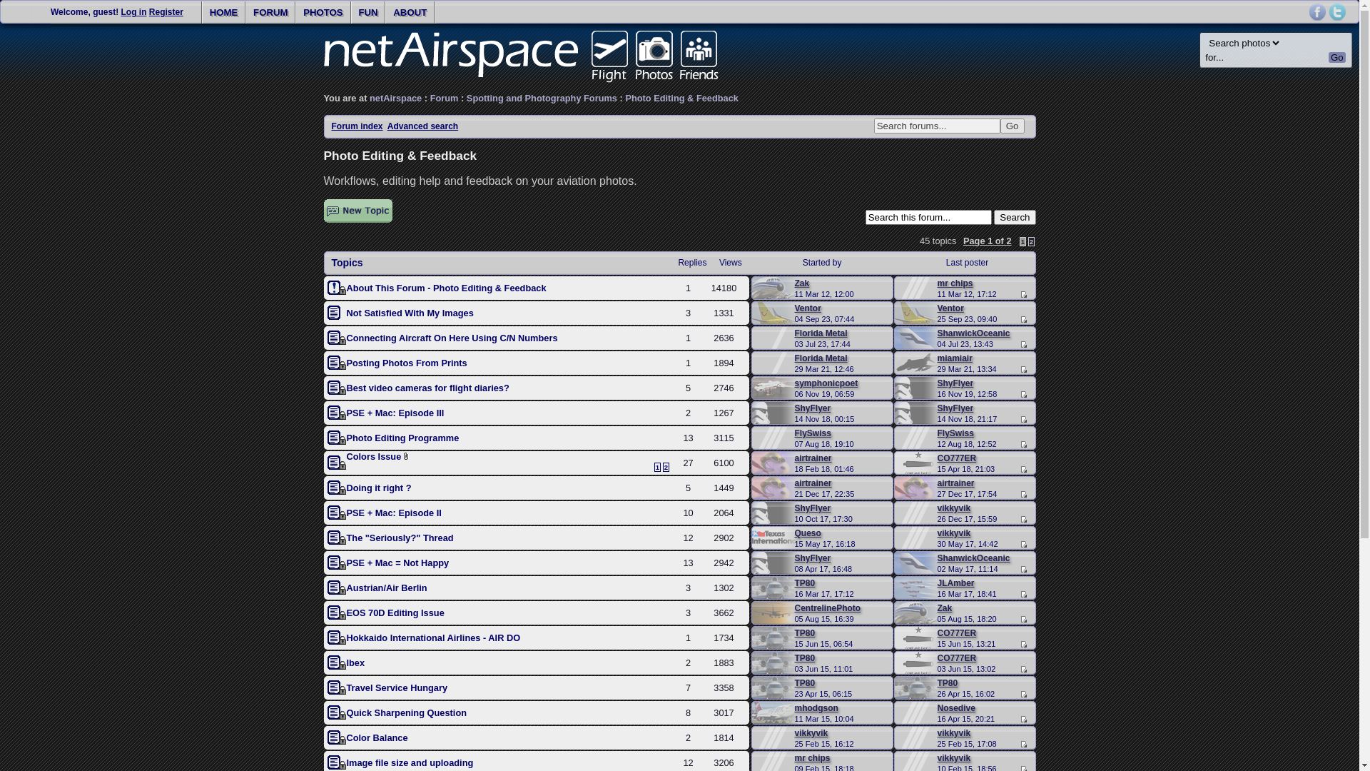  Describe the element at coordinates (133, 11) in the screenshot. I see `'Log in'` at that location.